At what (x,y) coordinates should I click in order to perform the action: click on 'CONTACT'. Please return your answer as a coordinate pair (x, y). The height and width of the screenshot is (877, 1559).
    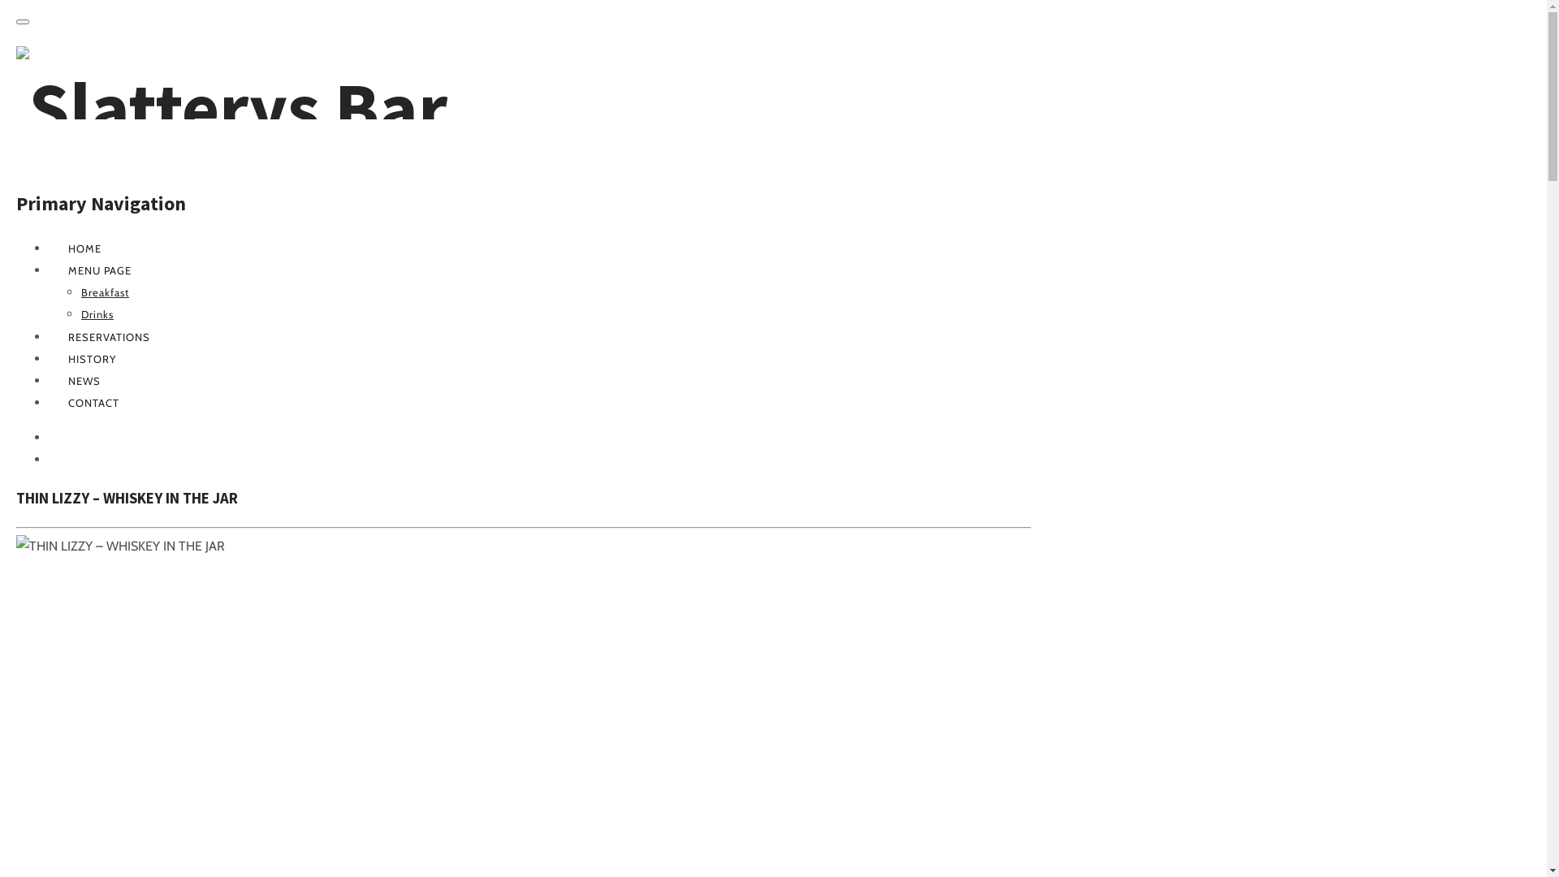
    Looking at the image, I should click on (93, 402).